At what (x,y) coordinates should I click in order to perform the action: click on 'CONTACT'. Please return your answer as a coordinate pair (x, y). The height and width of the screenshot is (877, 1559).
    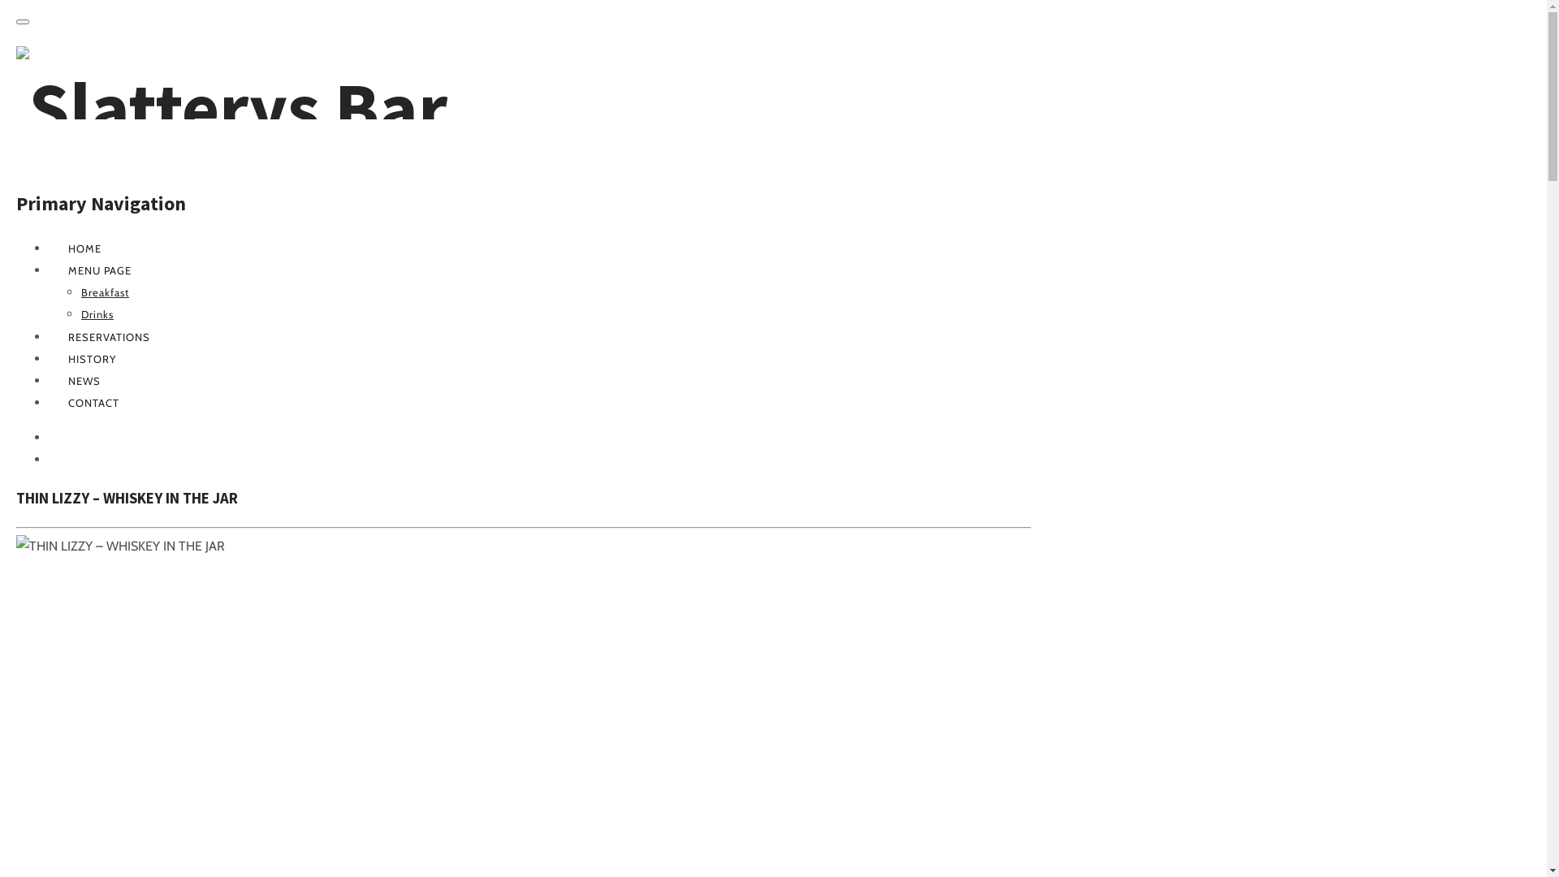
    Looking at the image, I should click on (93, 402).